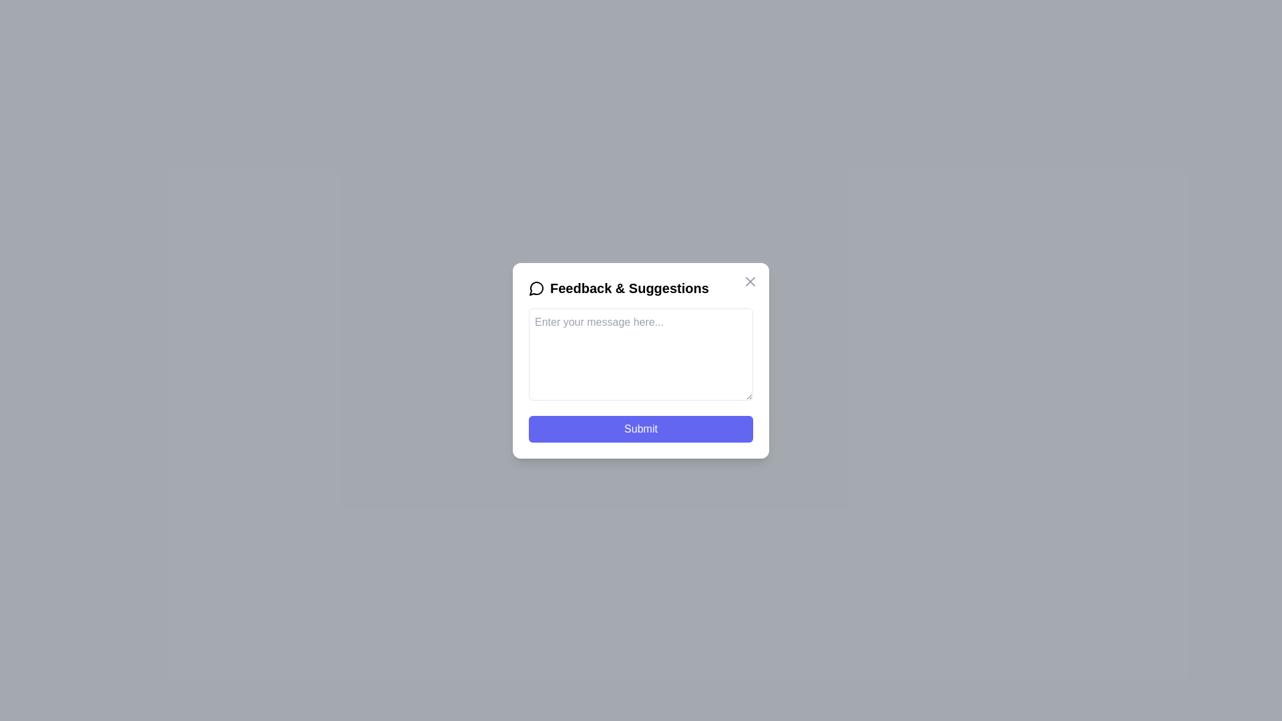 The height and width of the screenshot is (721, 1282). What do you see at coordinates (641, 287) in the screenshot?
I see `the text label 'Feedback & Suggestions', which is a bold heading located near the top center of a white dialog box, positioned below a close icon and above a text input field` at bounding box center [641, 287].